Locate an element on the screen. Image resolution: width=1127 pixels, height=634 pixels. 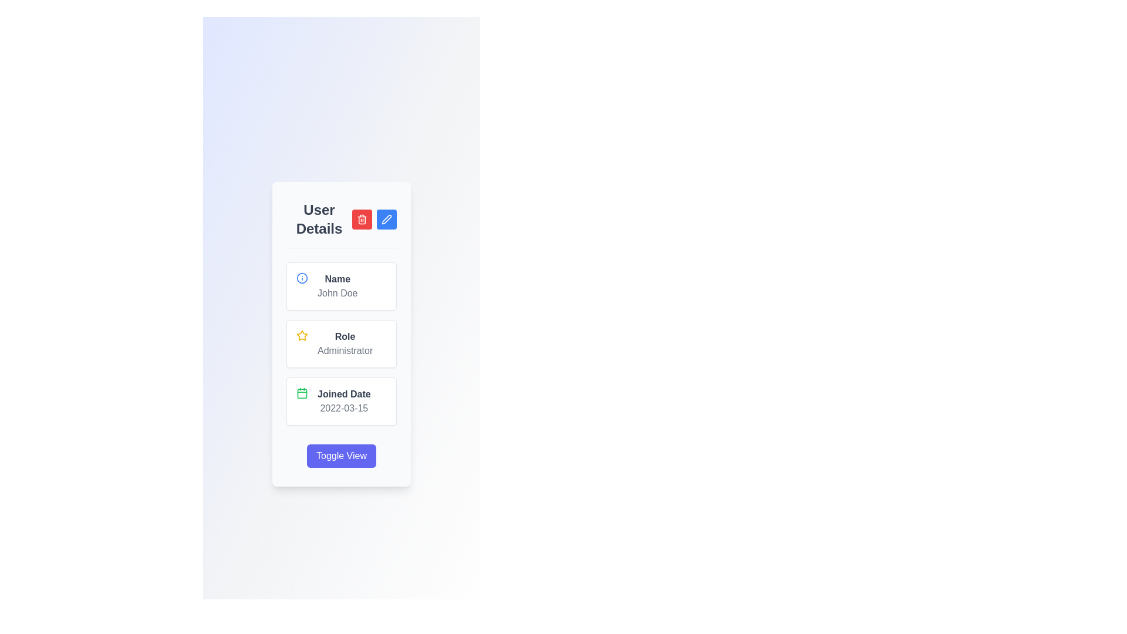
the Information Display that shows the label 'Name' in bold text followed by 'John Doe', located near the top of the user details card, below a small information icon is located at coordinates (337, 286).